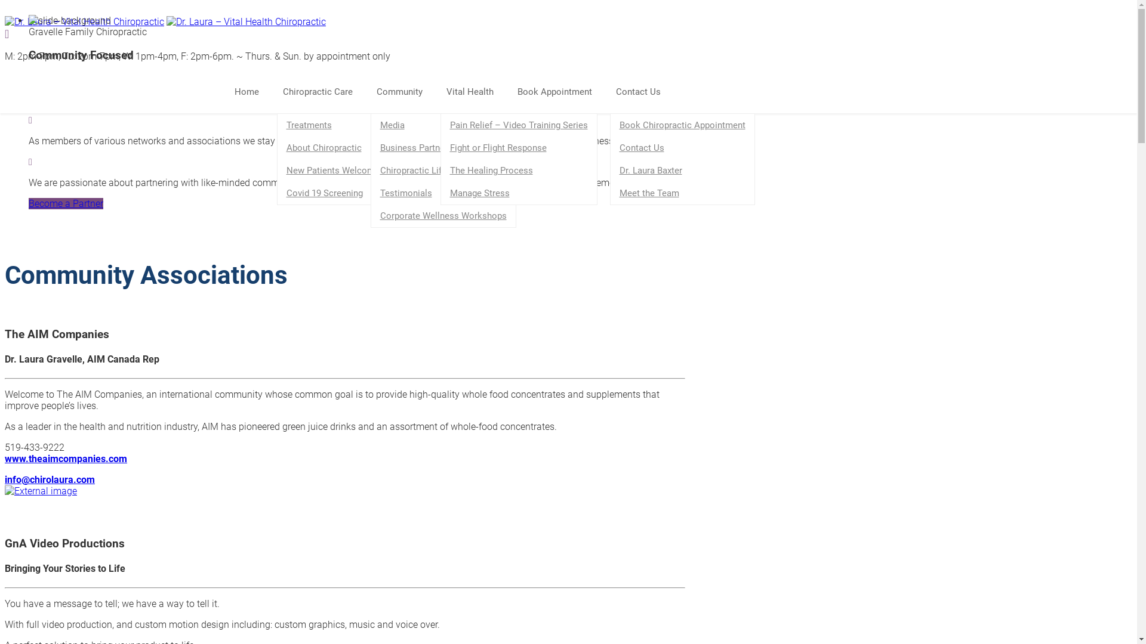 The image size is (1146, 644). Describe the element at coordinates (510, 91) in the screenshot. I see `'Book Appointment'` at that location.